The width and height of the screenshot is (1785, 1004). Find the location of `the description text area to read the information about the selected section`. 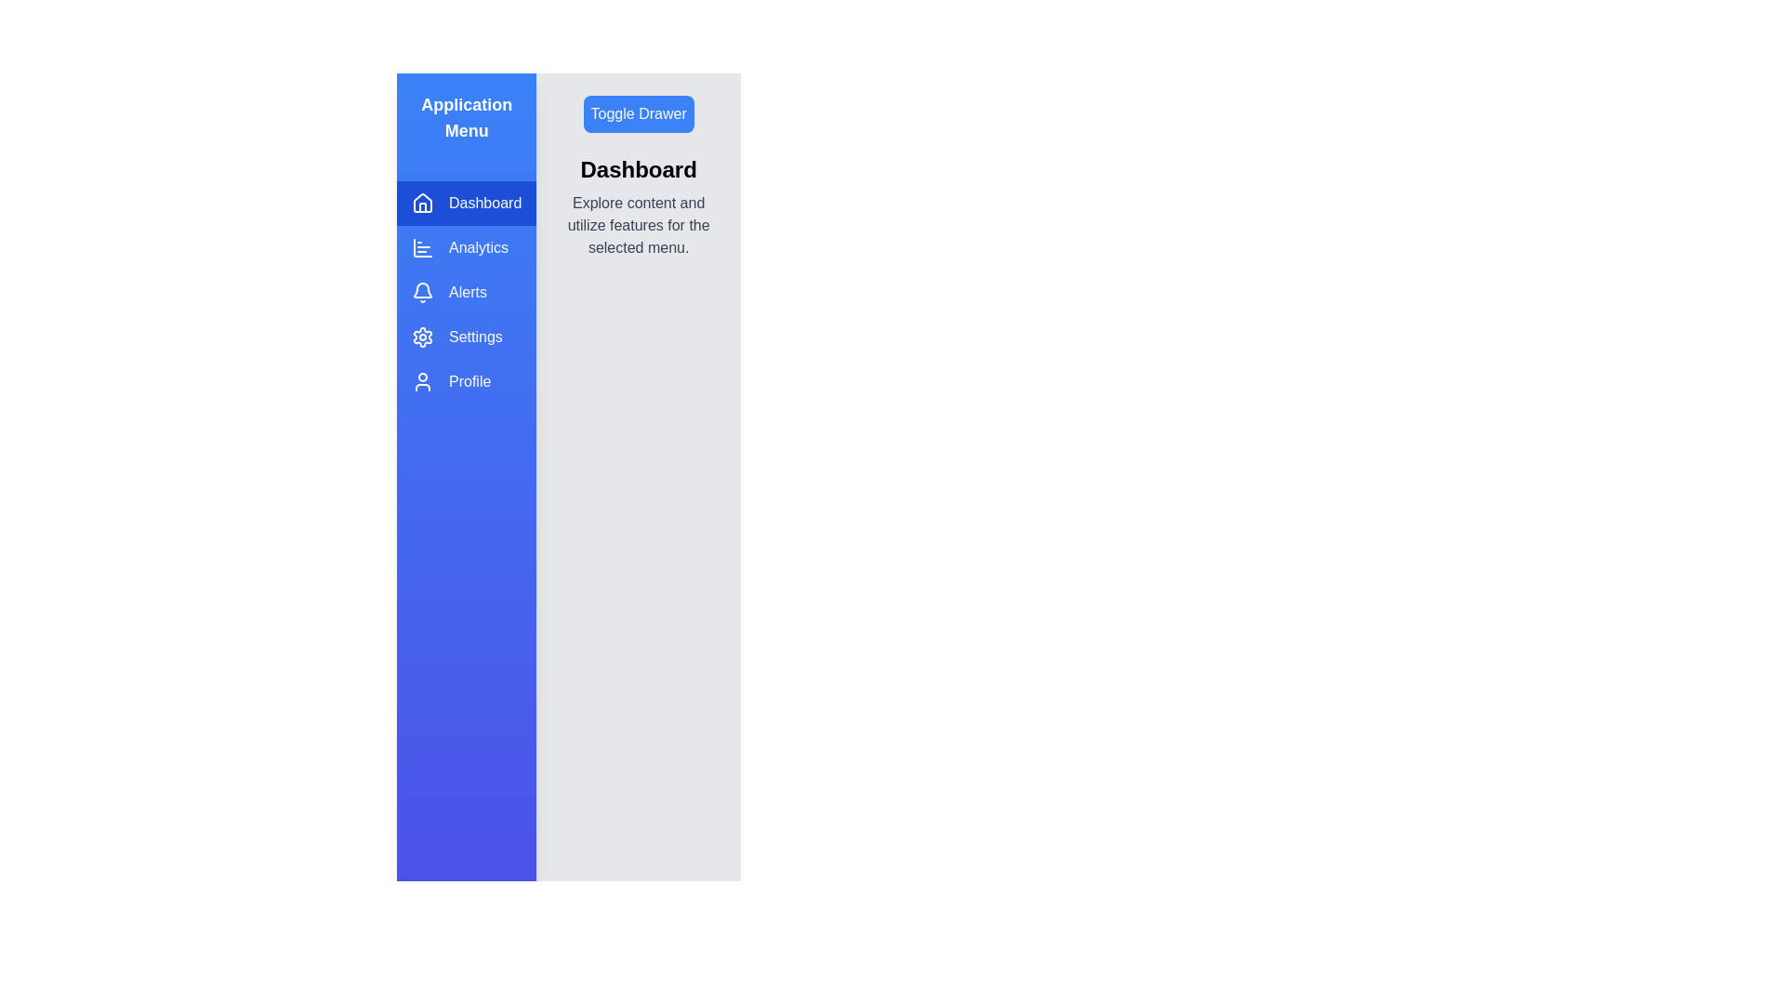

the description text area to read the information about the selected section is located at coordinates (638, 225).